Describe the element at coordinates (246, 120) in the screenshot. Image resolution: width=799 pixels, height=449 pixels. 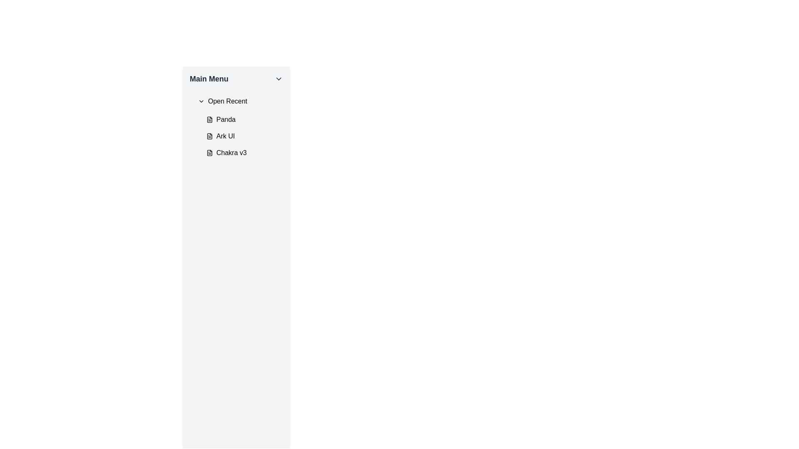
I see `the menu item labeled 'Panda', which is the first item in a vertical list containing similar items, to trigger visual feedback` at that location.